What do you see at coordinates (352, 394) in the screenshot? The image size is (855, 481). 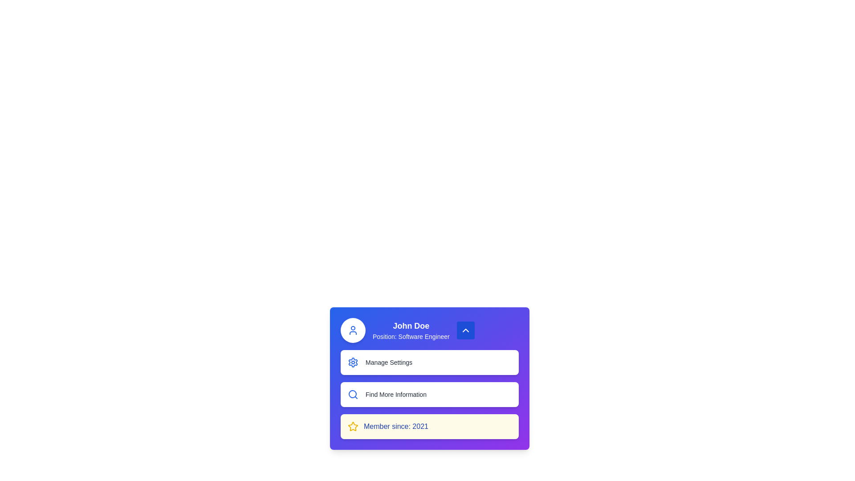 I see `the magnifying glass icon located within the button labeled 'Find More Information'` at bounding box center [352, 394].